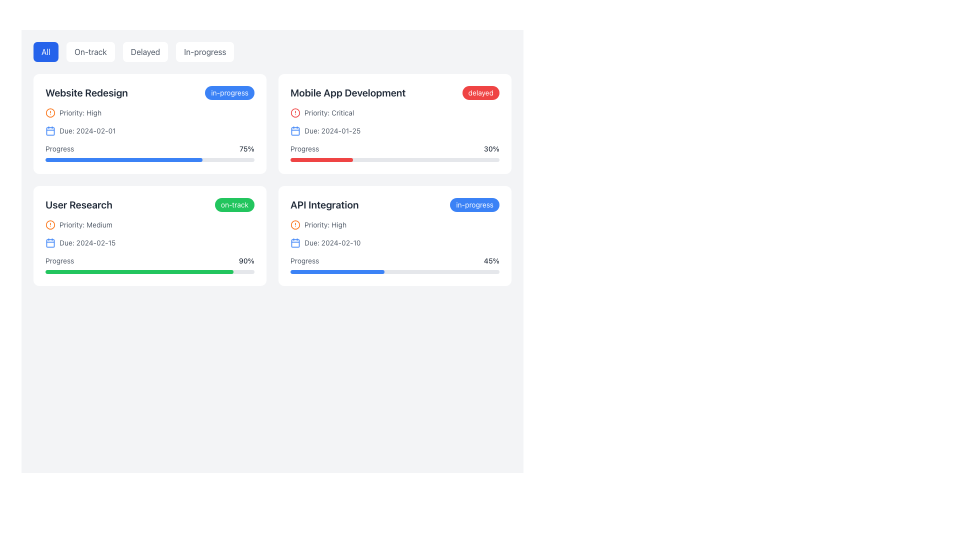  I want to click on progress percentage value displayed in the Label or text field on the right-hand side of the 'Progress' section of the 'User Research' card, so click(246, 260).